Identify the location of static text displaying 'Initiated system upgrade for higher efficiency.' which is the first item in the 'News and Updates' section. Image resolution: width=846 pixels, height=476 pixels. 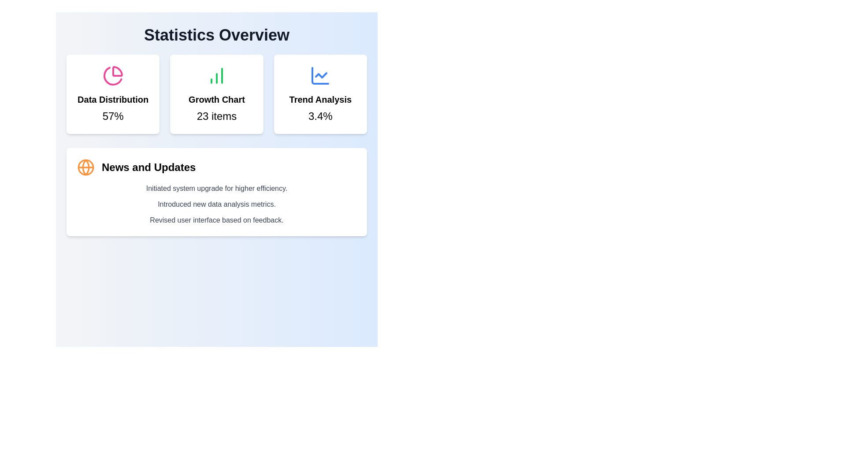
(216, 188).